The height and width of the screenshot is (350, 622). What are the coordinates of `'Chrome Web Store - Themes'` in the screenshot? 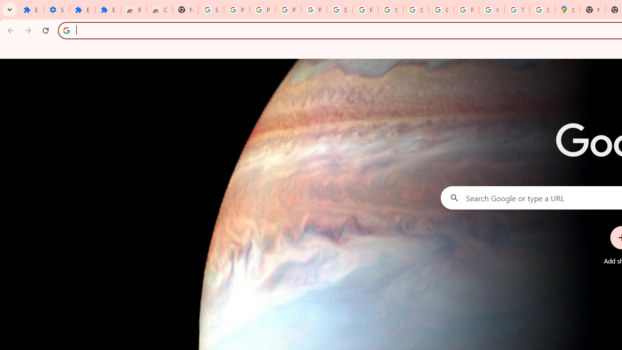 It's located at (159, 10).